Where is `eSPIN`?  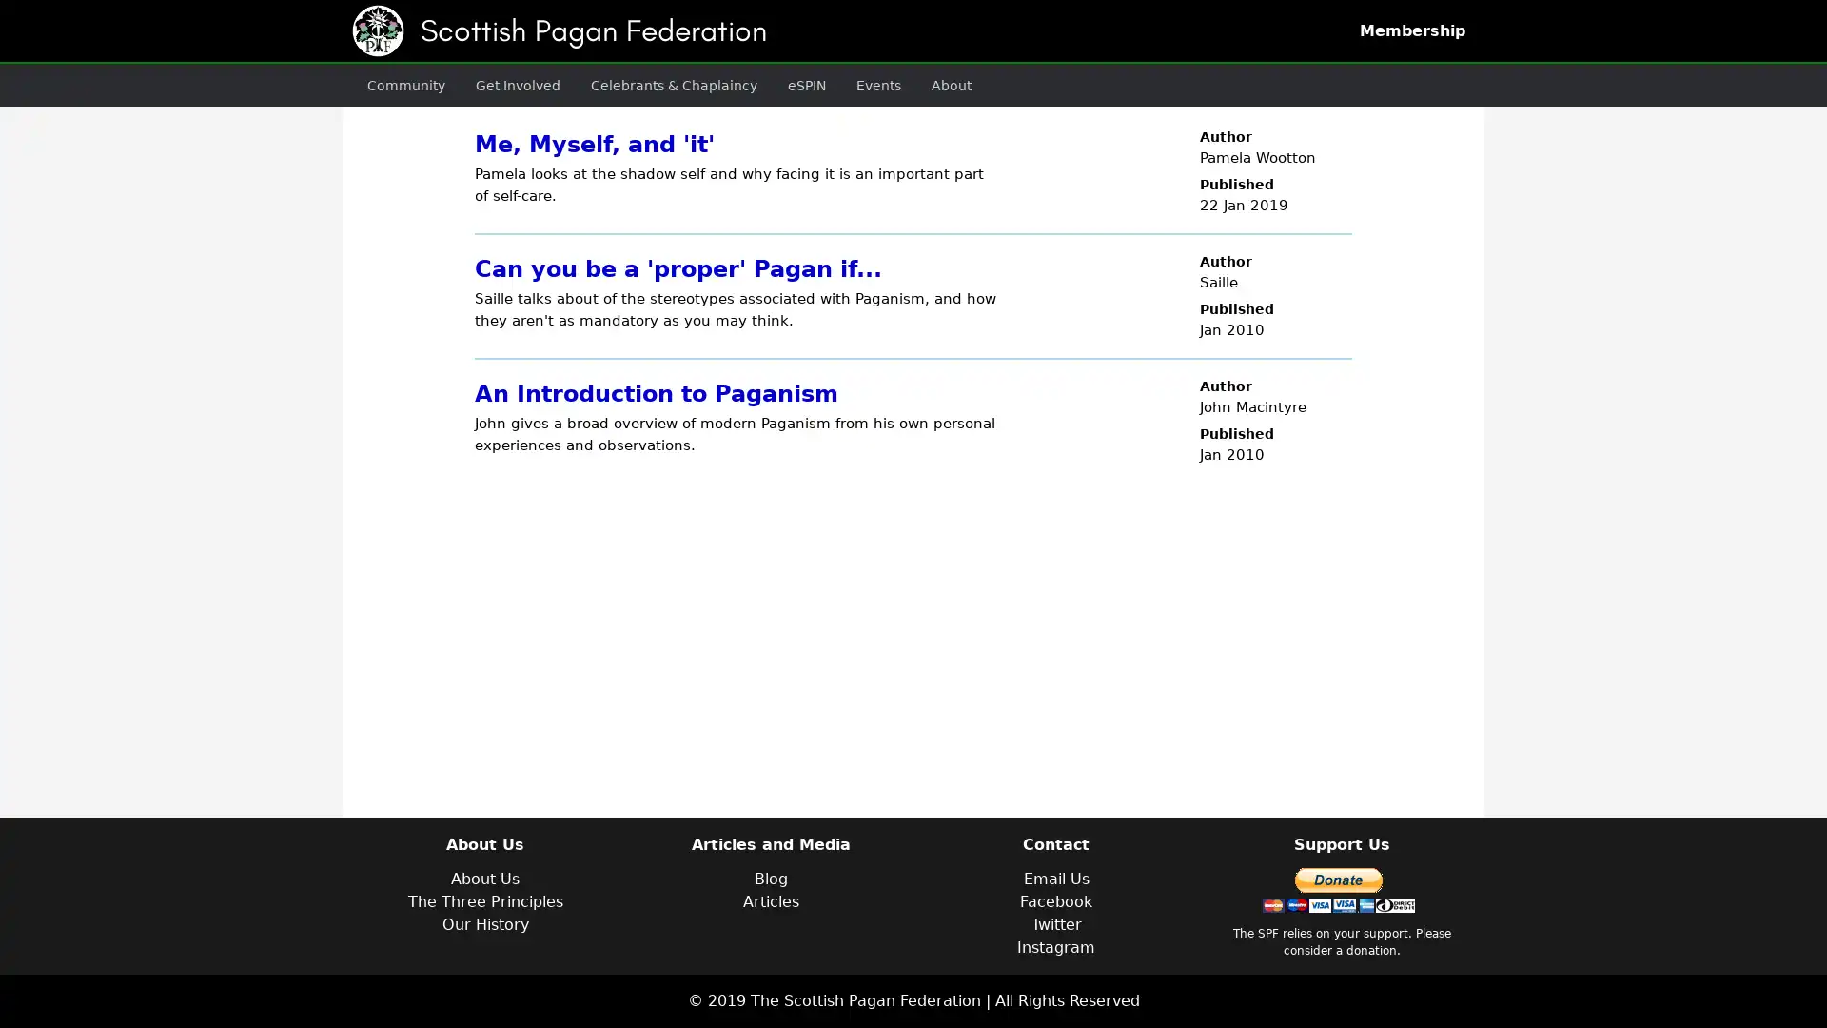
eSPIN is located at coordinates (771, 84).